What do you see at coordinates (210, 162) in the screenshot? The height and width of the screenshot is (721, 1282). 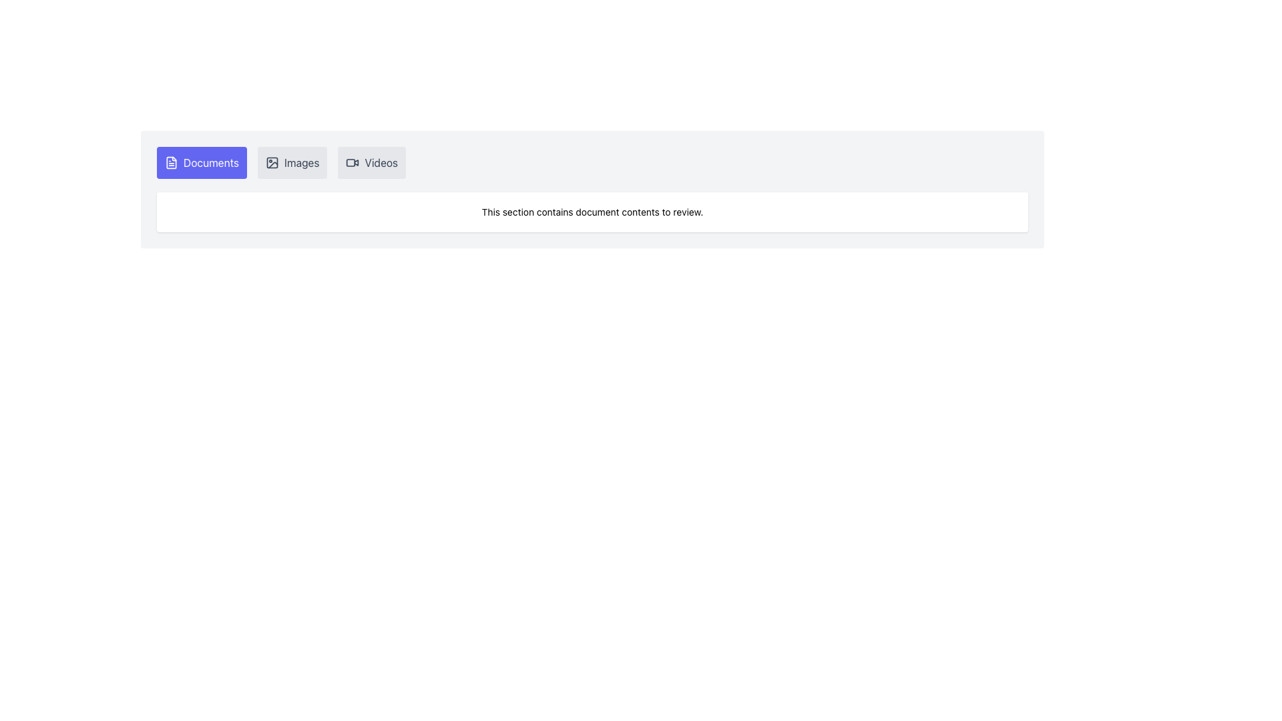 I see `the 'Documents' button on the navigation menu, which is the first option with a white text label on a blue background and an icon of a document` at bounding box center [210, 162].